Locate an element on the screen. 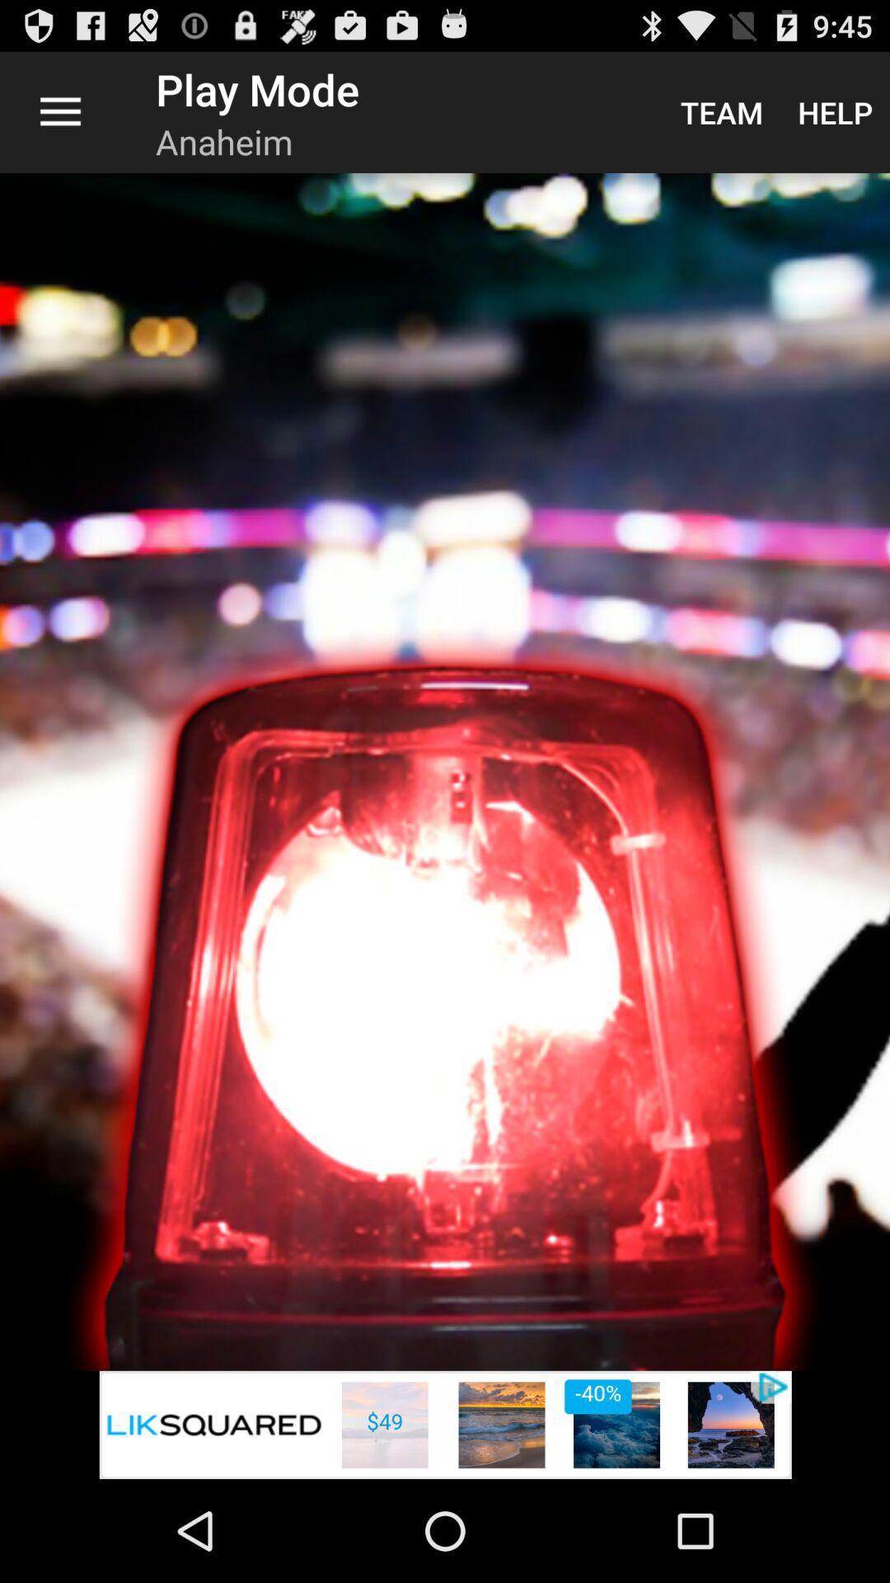 The height and width of the screenshot is (1583, 890). advertisement website is located at coordinates (445, 1424).